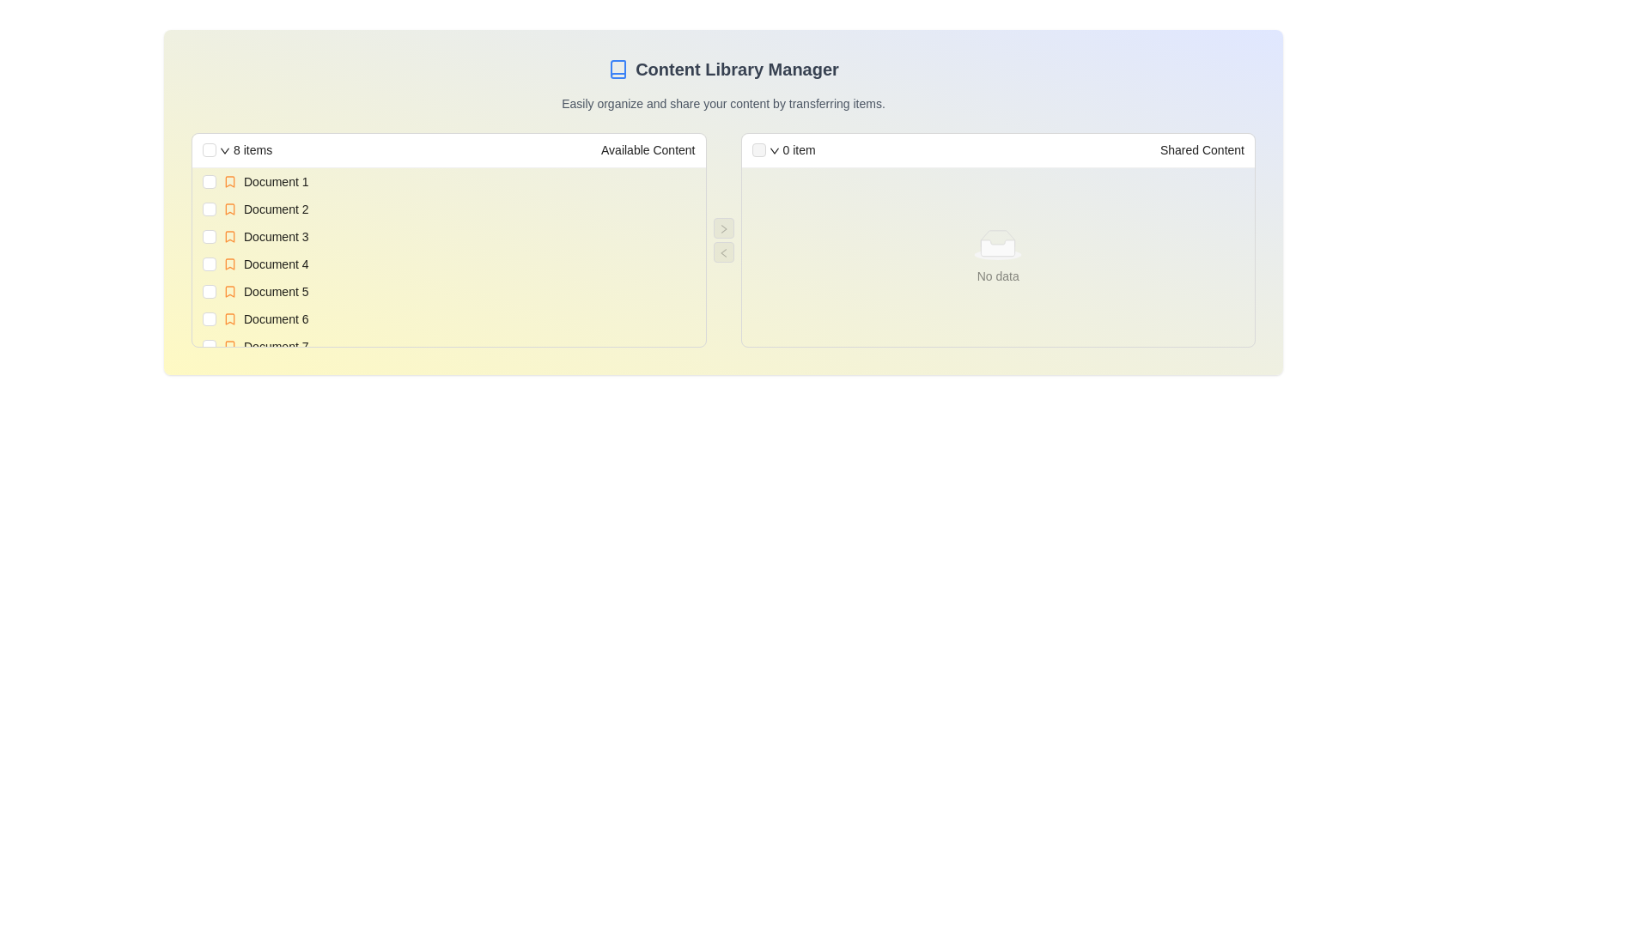  What do you see at coordinates (229, 347) in the screenshot?
I see `the bookmark icon for the seventh document` at bounding box center [229, 347].